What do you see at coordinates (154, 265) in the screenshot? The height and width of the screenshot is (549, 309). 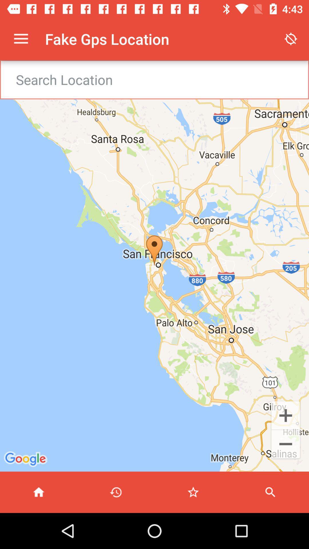 I see `item at the center` at bounding box center [154, 265].